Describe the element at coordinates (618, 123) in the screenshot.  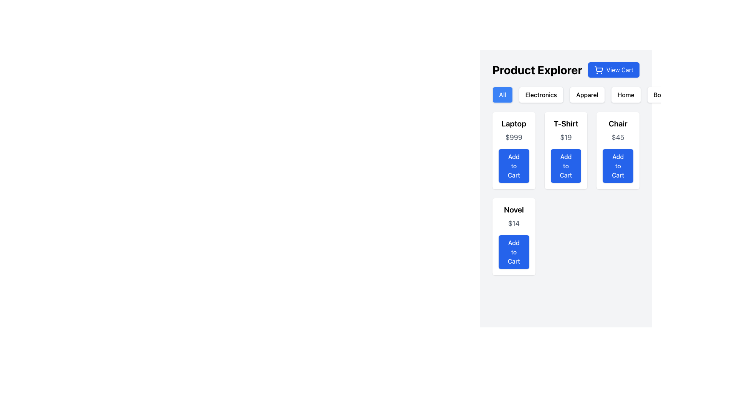
I see `text label at the top center of the product card to identify the product` at that location.